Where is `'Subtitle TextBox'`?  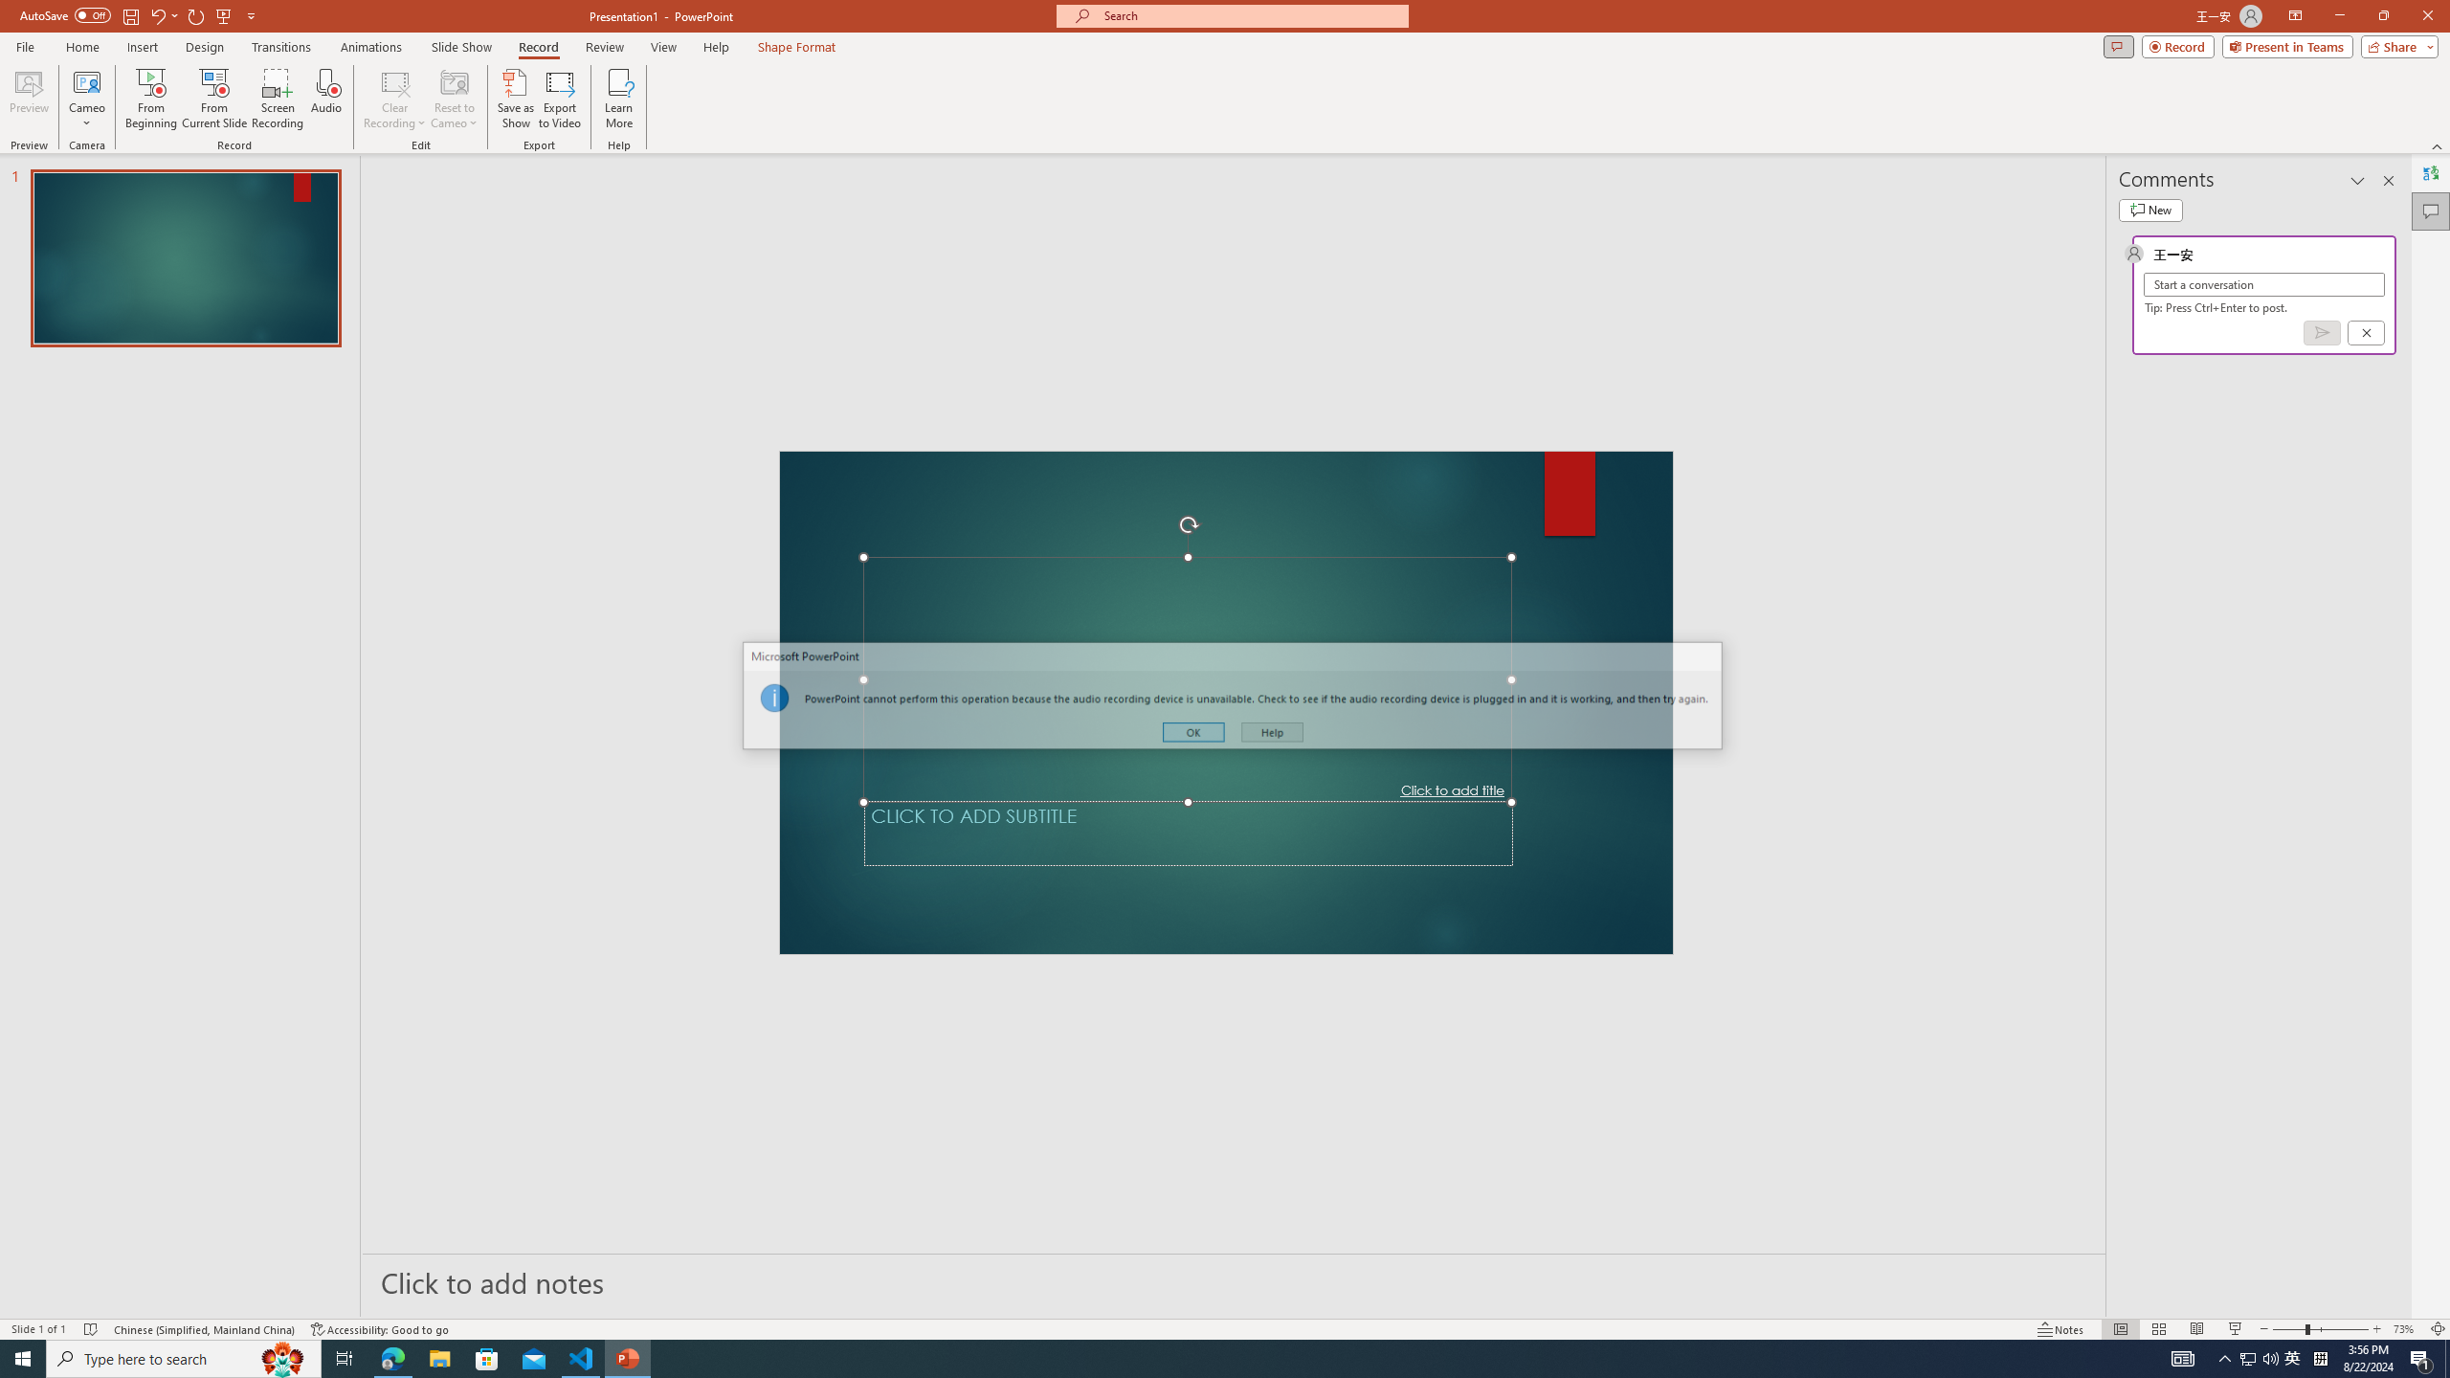
'Subtitle TextBox' is located at coordinates (1189, 832).